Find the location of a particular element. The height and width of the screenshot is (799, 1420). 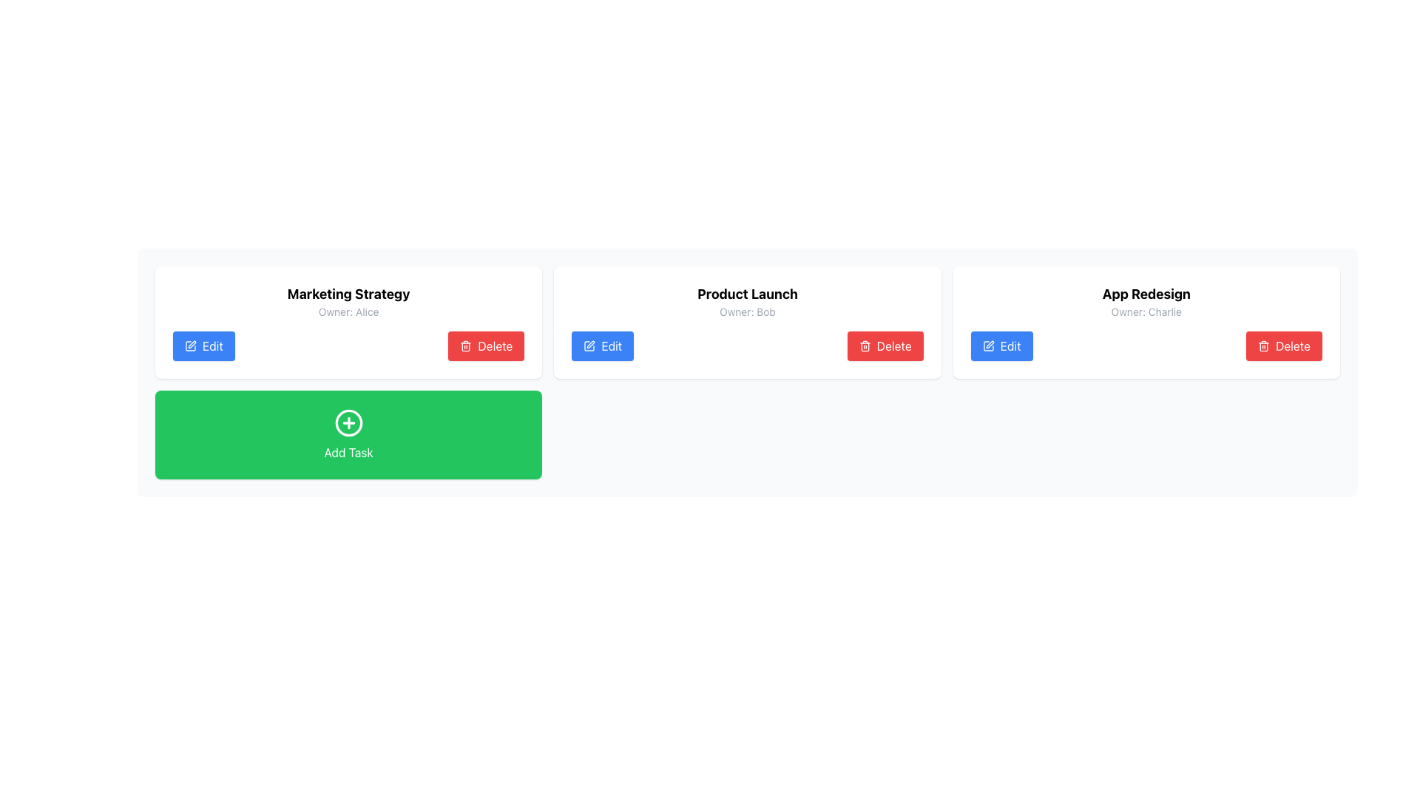

the 'Delete' button which contains the delete icon, located within the 'App Redesign' card is located at coordinates (1262, 345).